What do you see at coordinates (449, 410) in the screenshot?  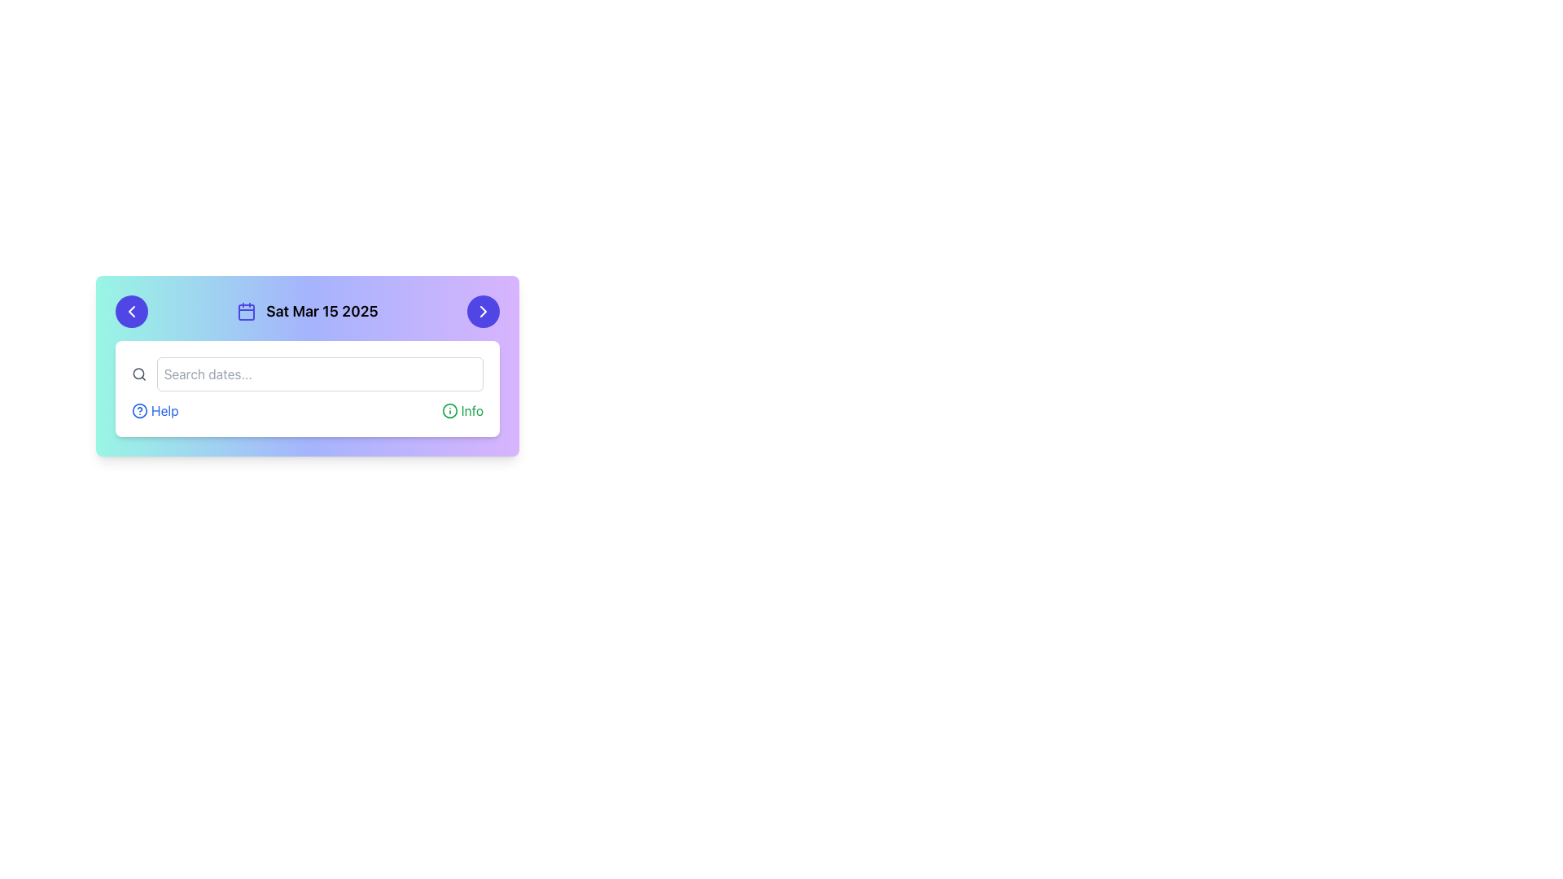 I see `the circular SVG element of the info icon located in the bottom-right area of the card-like UI component` at bounding box center [449, 410].